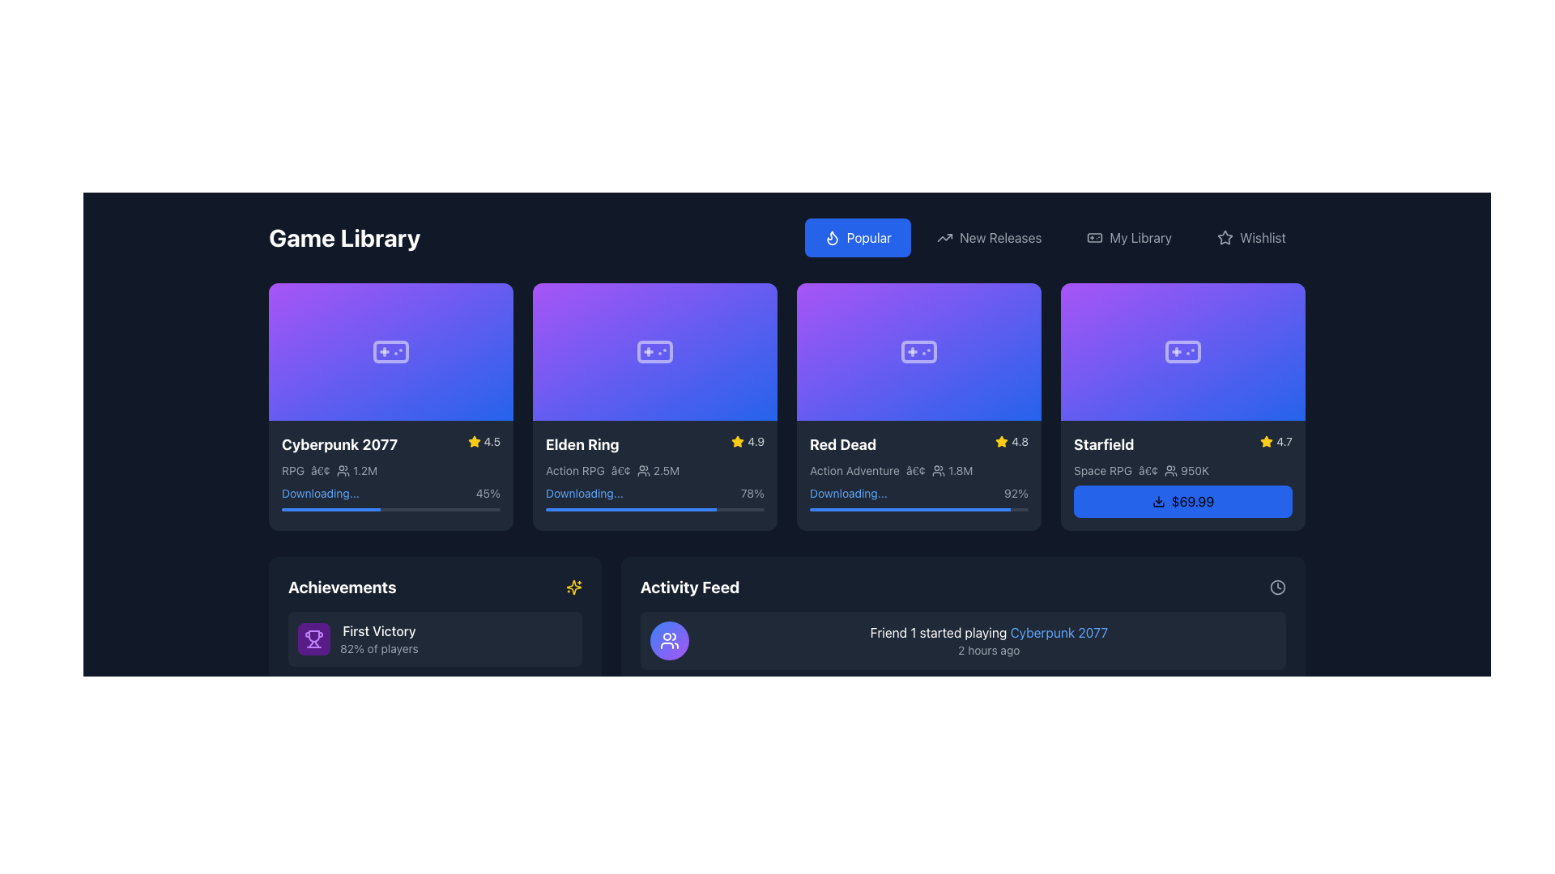 The width and height of the screenshot is (1555, 874). What do you see at coordinates (1277, 587) in the screenshot?
I see `the circular clock icon with a gray stroke located at the far right of the 'Activity Feed' section header` at bounding box center [1277, 587].